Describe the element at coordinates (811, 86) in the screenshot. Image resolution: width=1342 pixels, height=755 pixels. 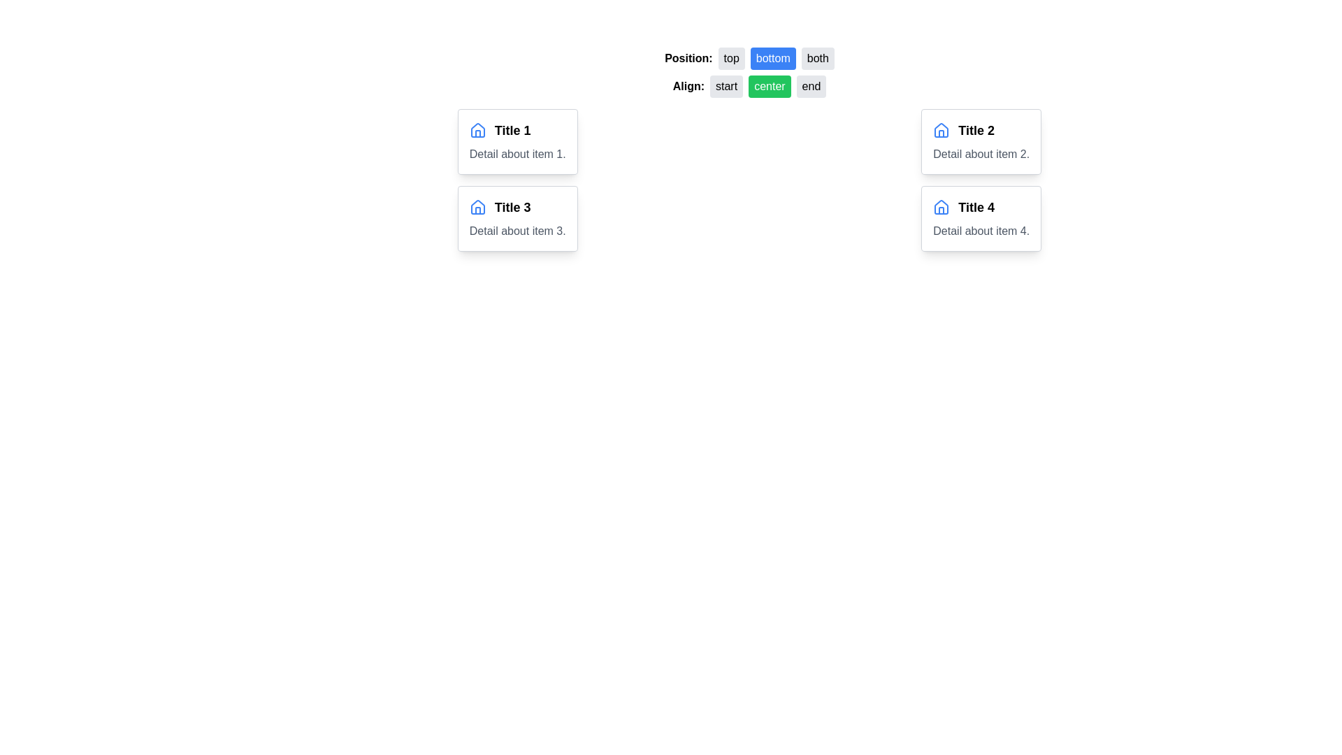
I see `the 'end' alignment button located` at that location.